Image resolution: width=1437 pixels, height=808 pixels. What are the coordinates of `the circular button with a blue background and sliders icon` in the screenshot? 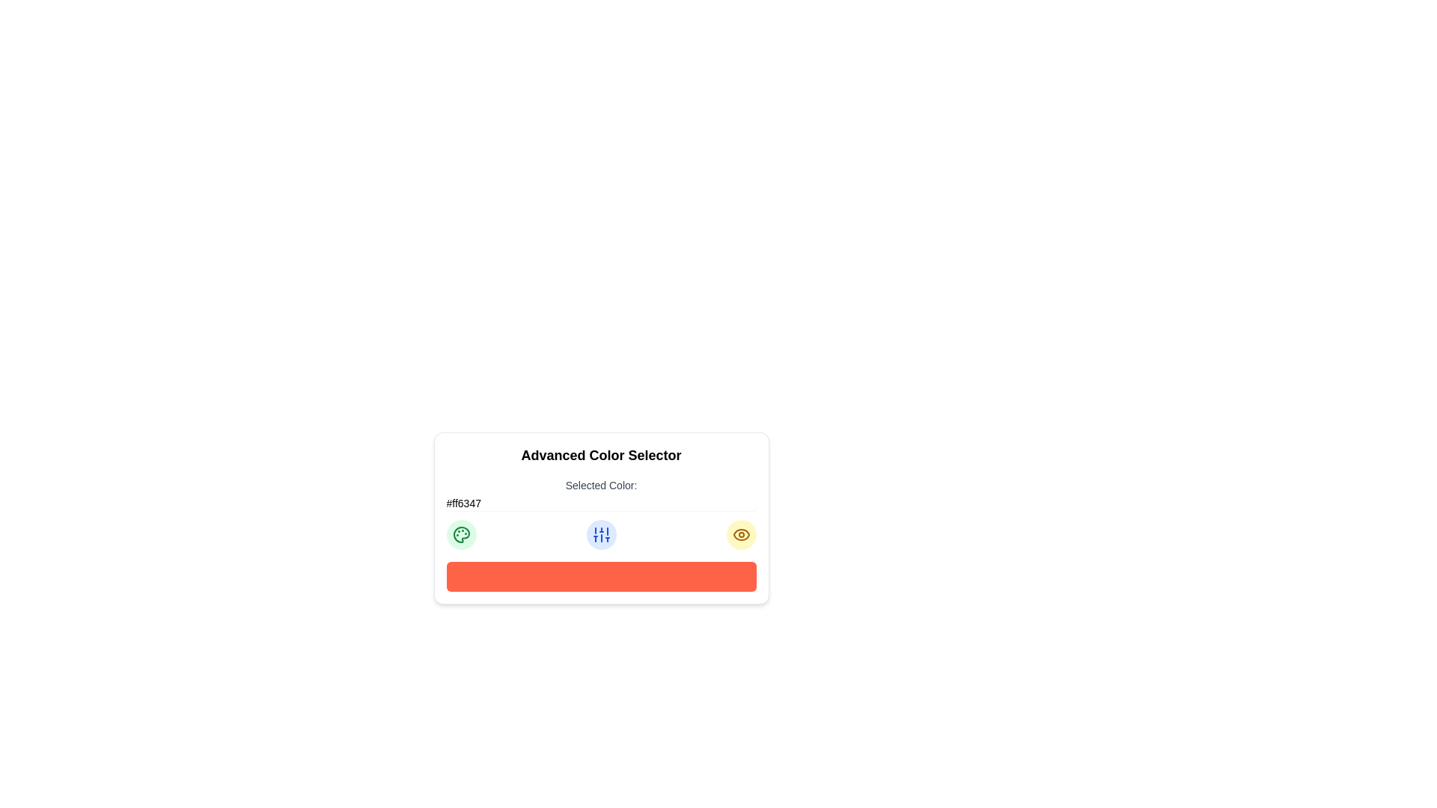 It's located at (601, 533).